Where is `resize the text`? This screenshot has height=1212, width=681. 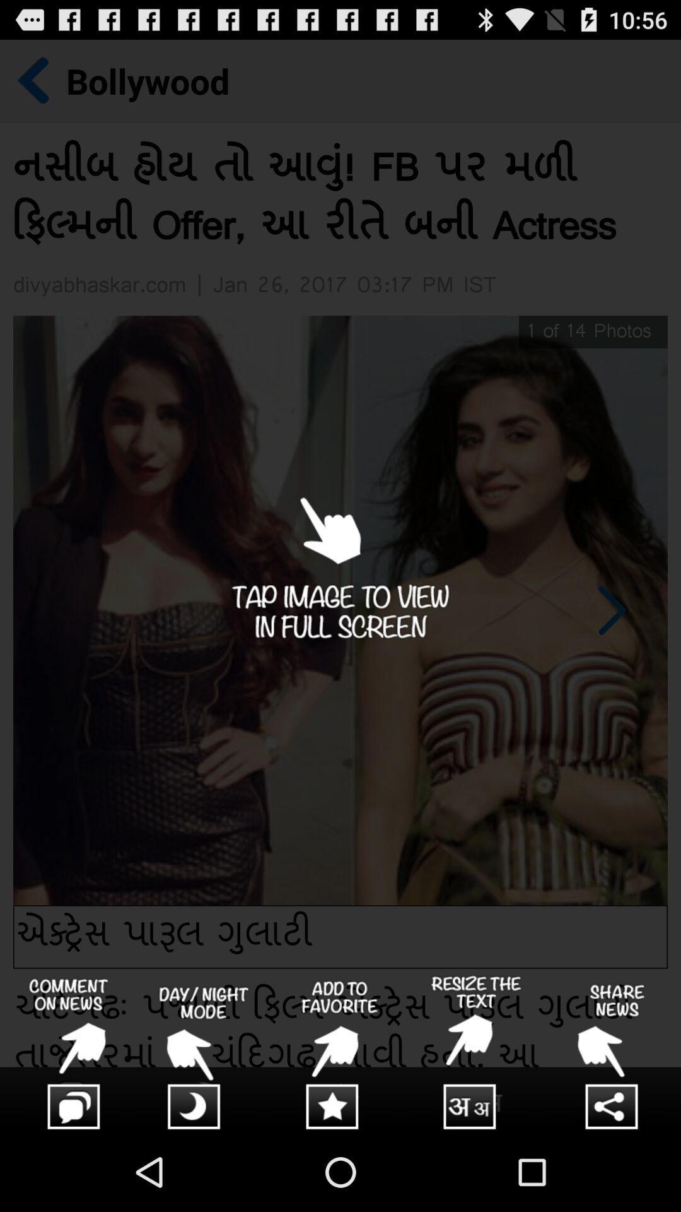 resize the text is located at coordinates (477, 1054).